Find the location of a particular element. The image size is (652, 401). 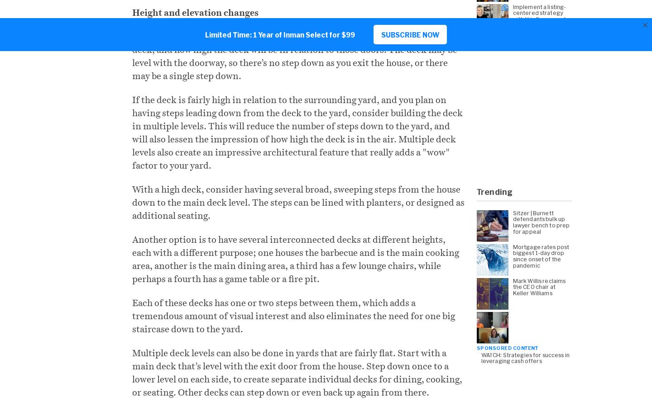

'With a high deck, consider having several broad, sweeping steps from the house down to the main deck level. The steps can be lined with planters, or designed as additional seating.' is located at coordinates (297, 202).